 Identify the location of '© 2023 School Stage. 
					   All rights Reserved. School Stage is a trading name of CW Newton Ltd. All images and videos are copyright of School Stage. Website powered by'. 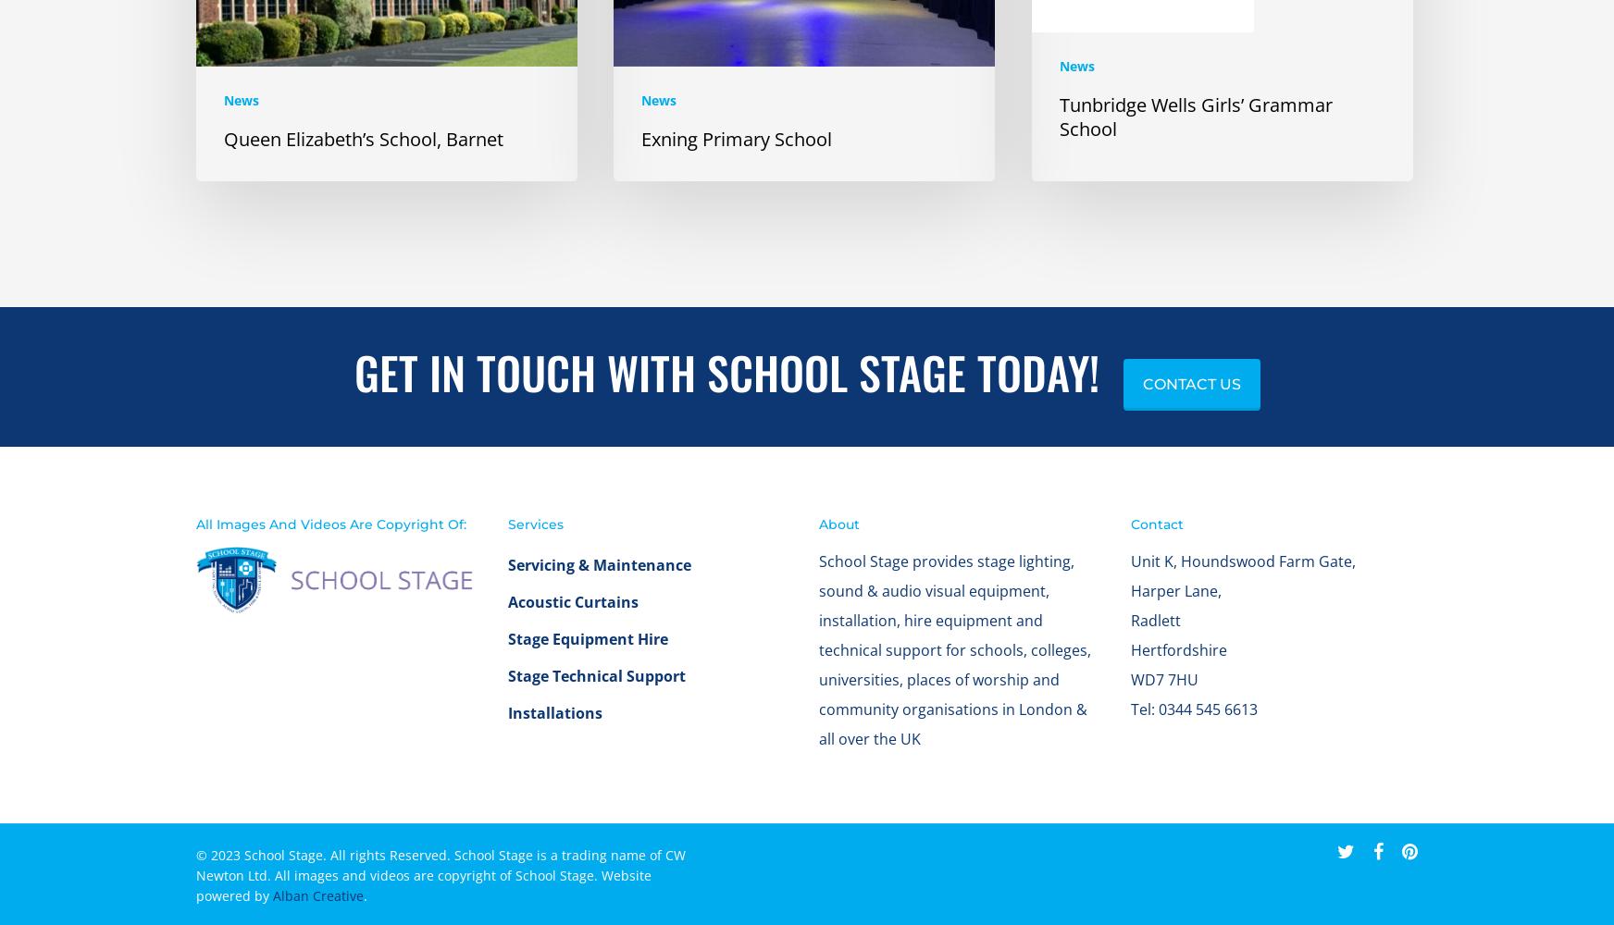
(440, 892).